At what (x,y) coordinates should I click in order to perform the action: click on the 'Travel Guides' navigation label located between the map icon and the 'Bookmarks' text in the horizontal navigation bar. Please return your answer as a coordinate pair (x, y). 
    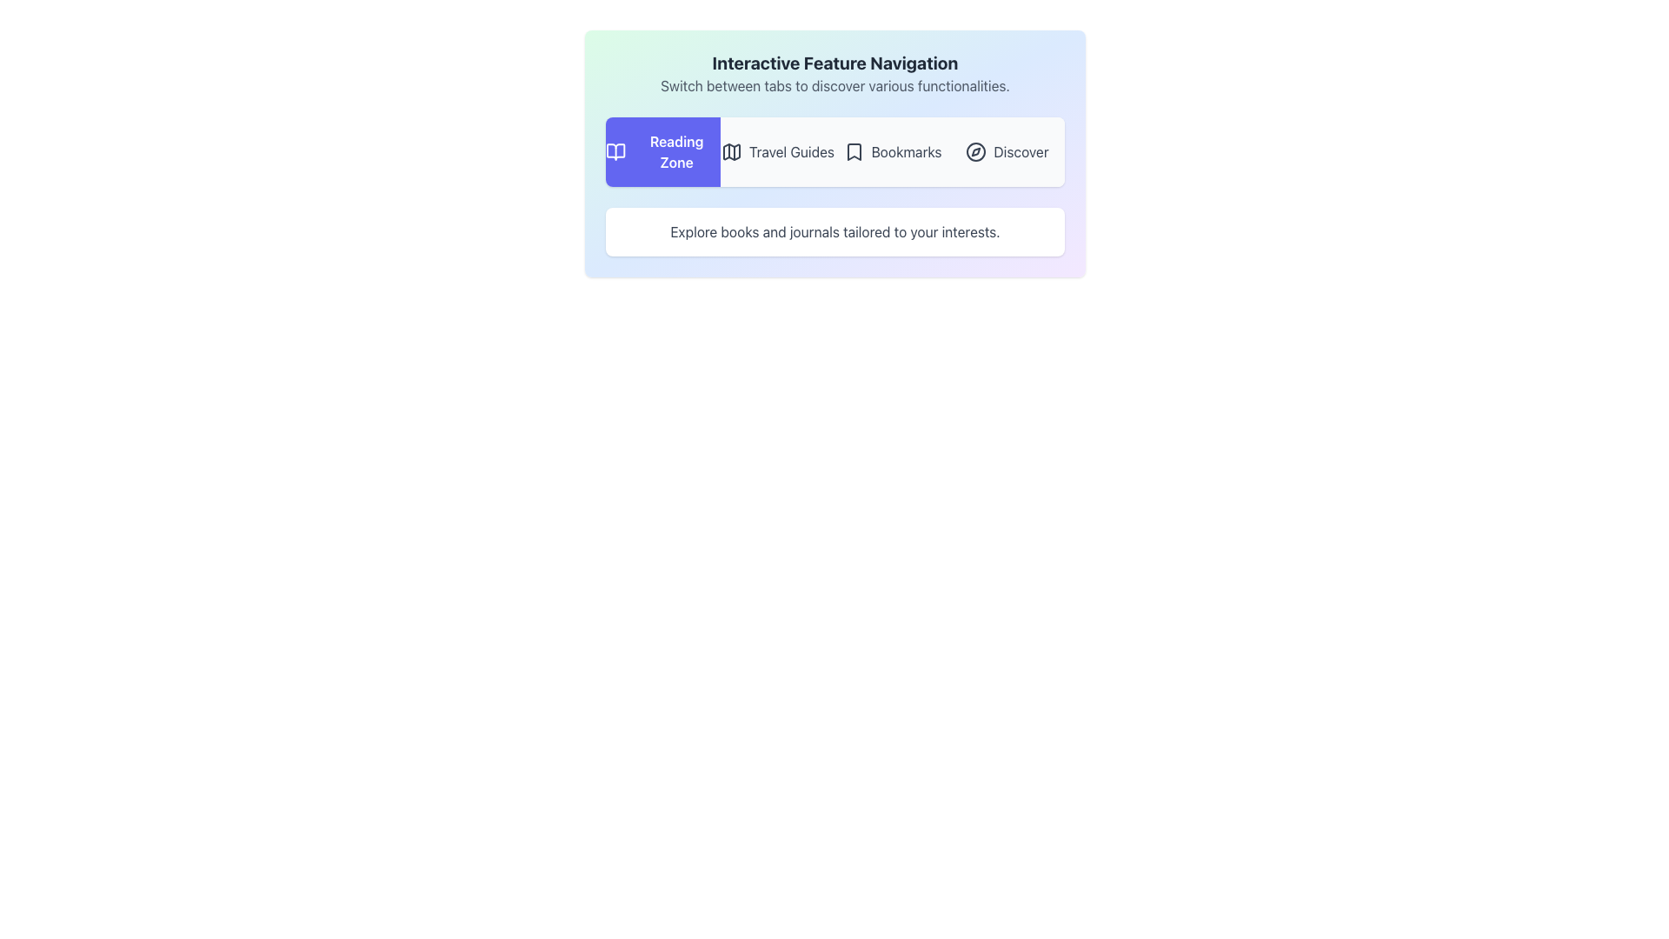
    Looking at the image, I should click on (791, 150).